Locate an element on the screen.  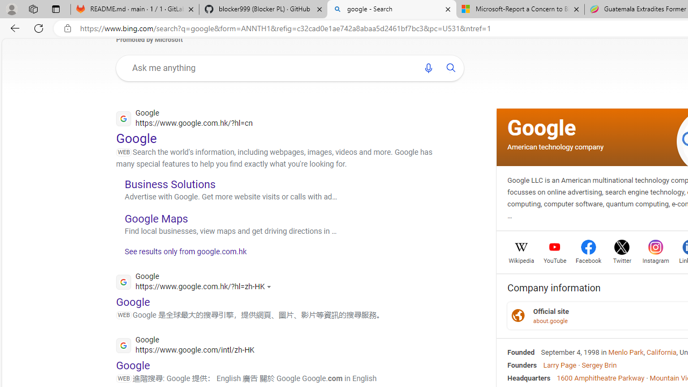
'Sergey Brin' is located at coordinates (598, 364).